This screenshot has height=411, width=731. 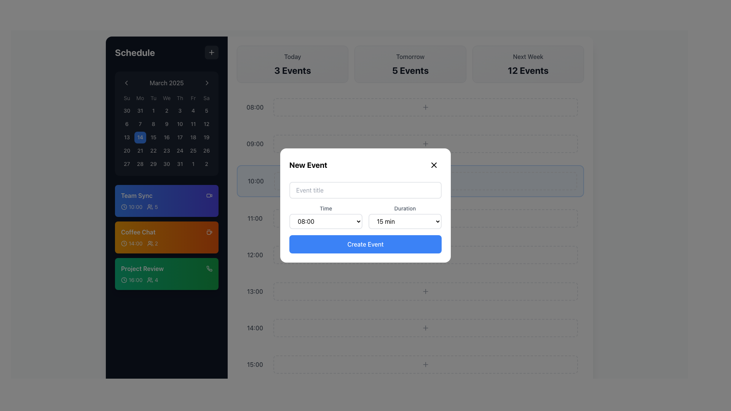 What do you see at coordinates (140, 151) in the screenshot?
I see `the Calendar day button displaying the number '21'` at bounding box center [140, 151].